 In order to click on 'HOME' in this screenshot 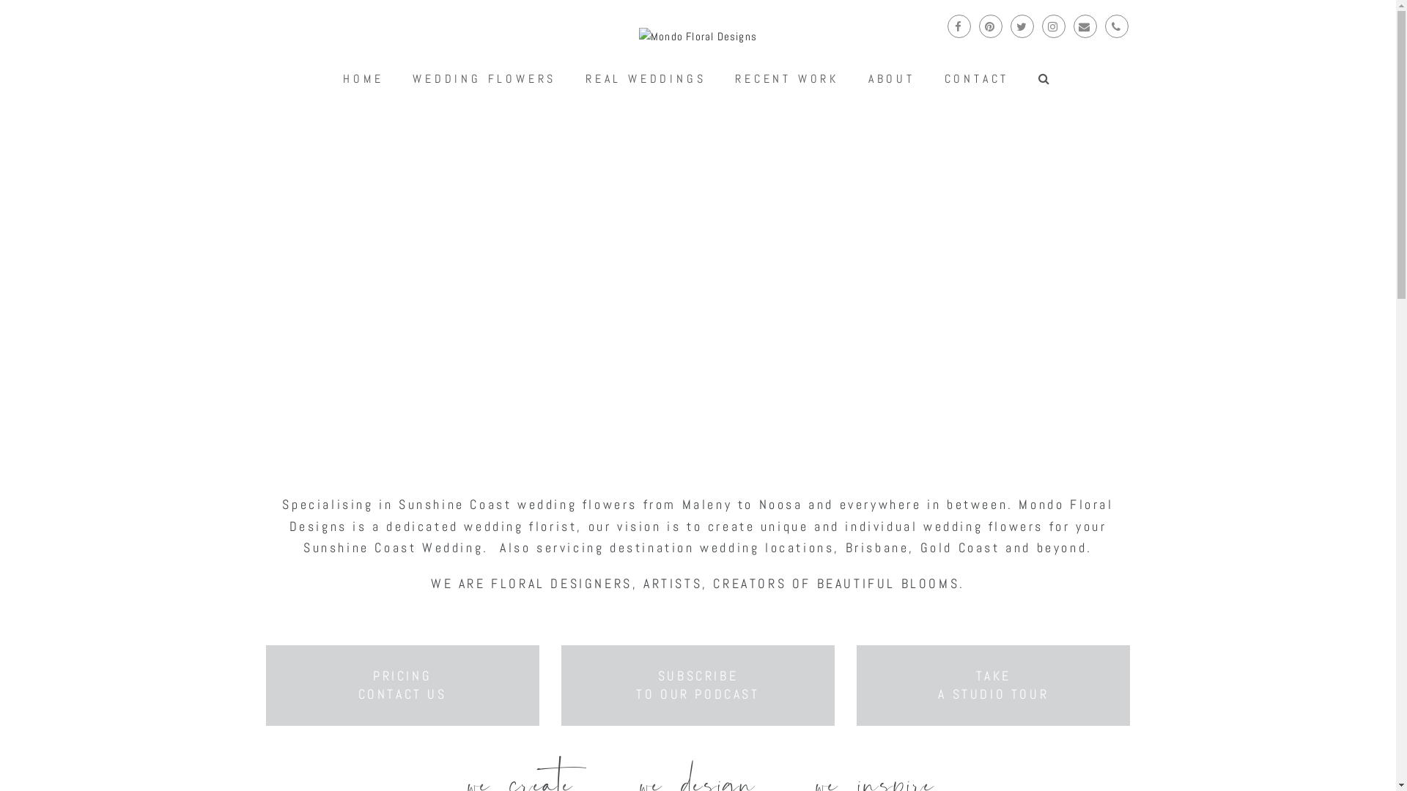, I will do `click(363, 79)`.